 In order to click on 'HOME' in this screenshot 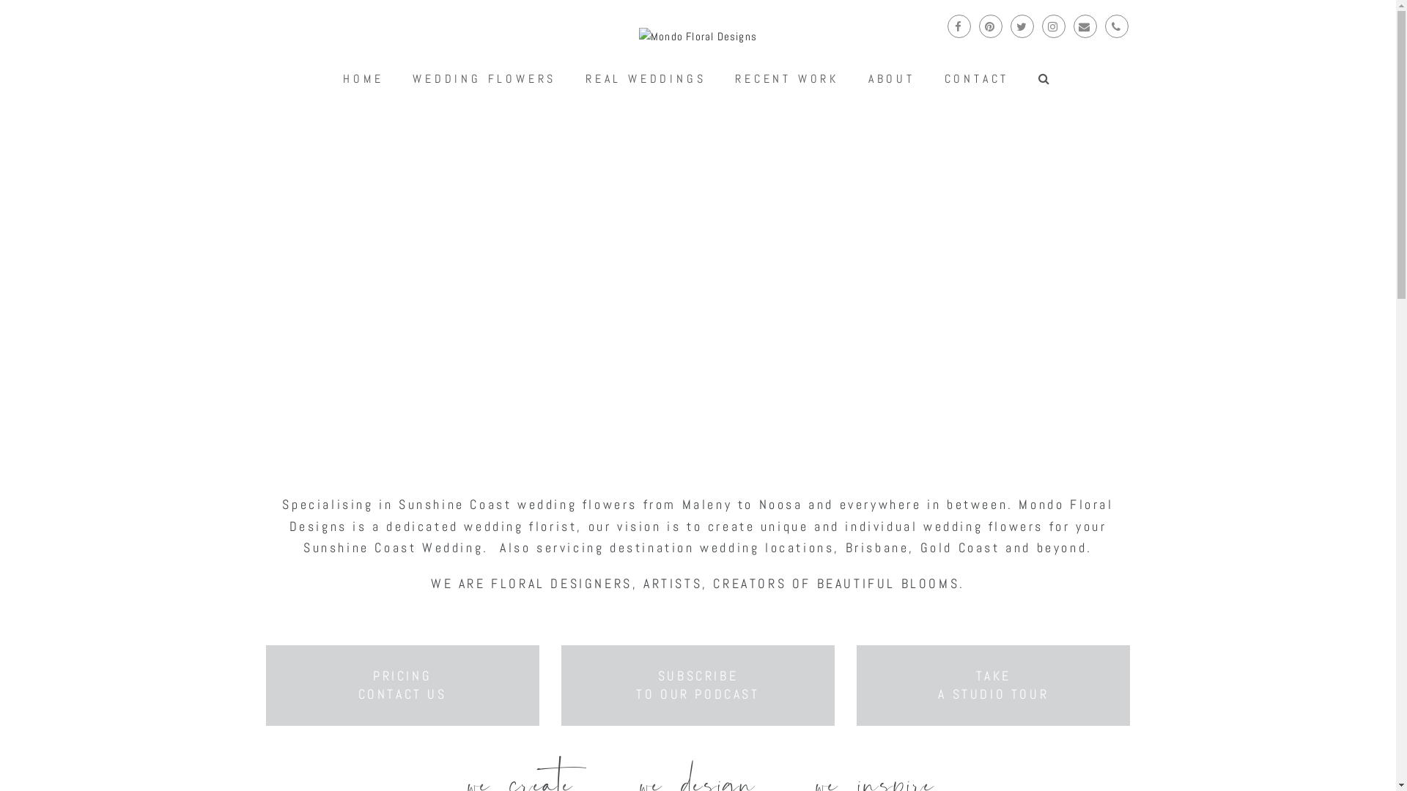, I will do `click(363, 79)`.